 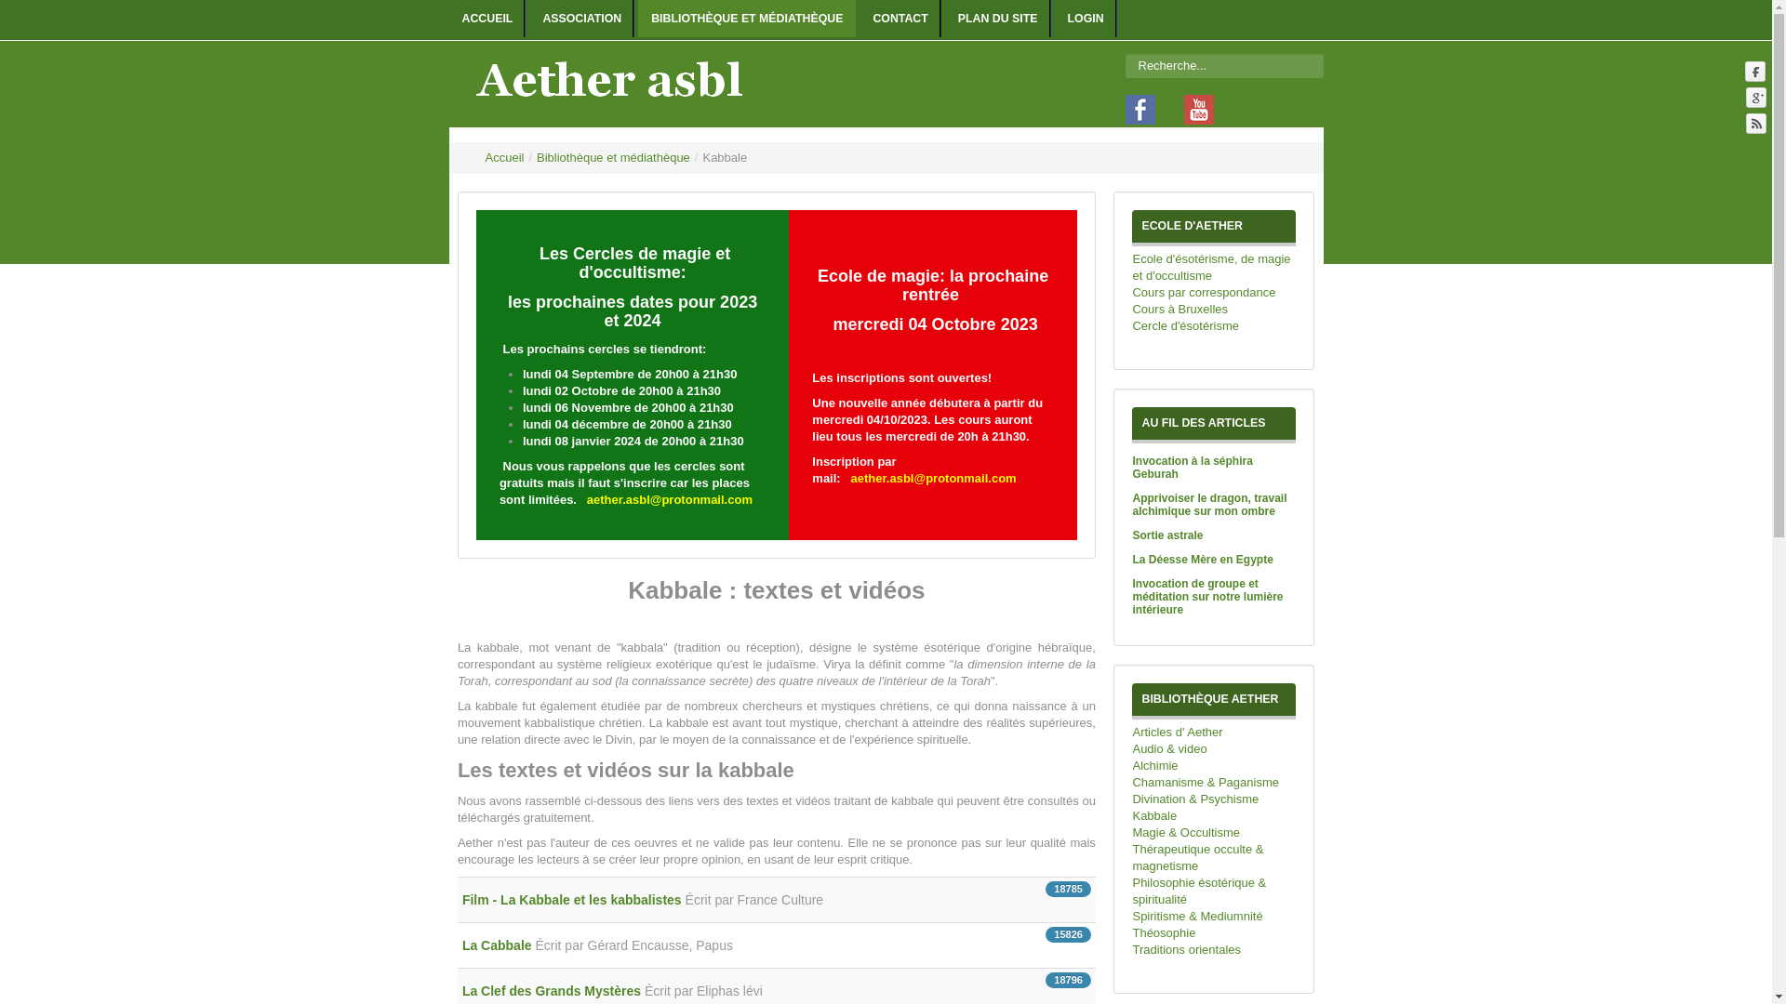 What do you see at coordinates (1214, 748) in the screenshot?
I see `'Audio & video'` at bounding box center [1214, 748].